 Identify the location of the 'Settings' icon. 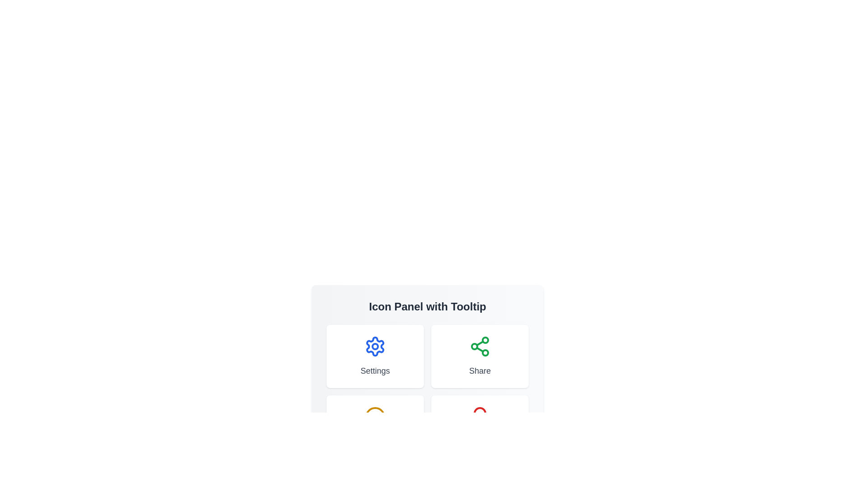
(375, 346).